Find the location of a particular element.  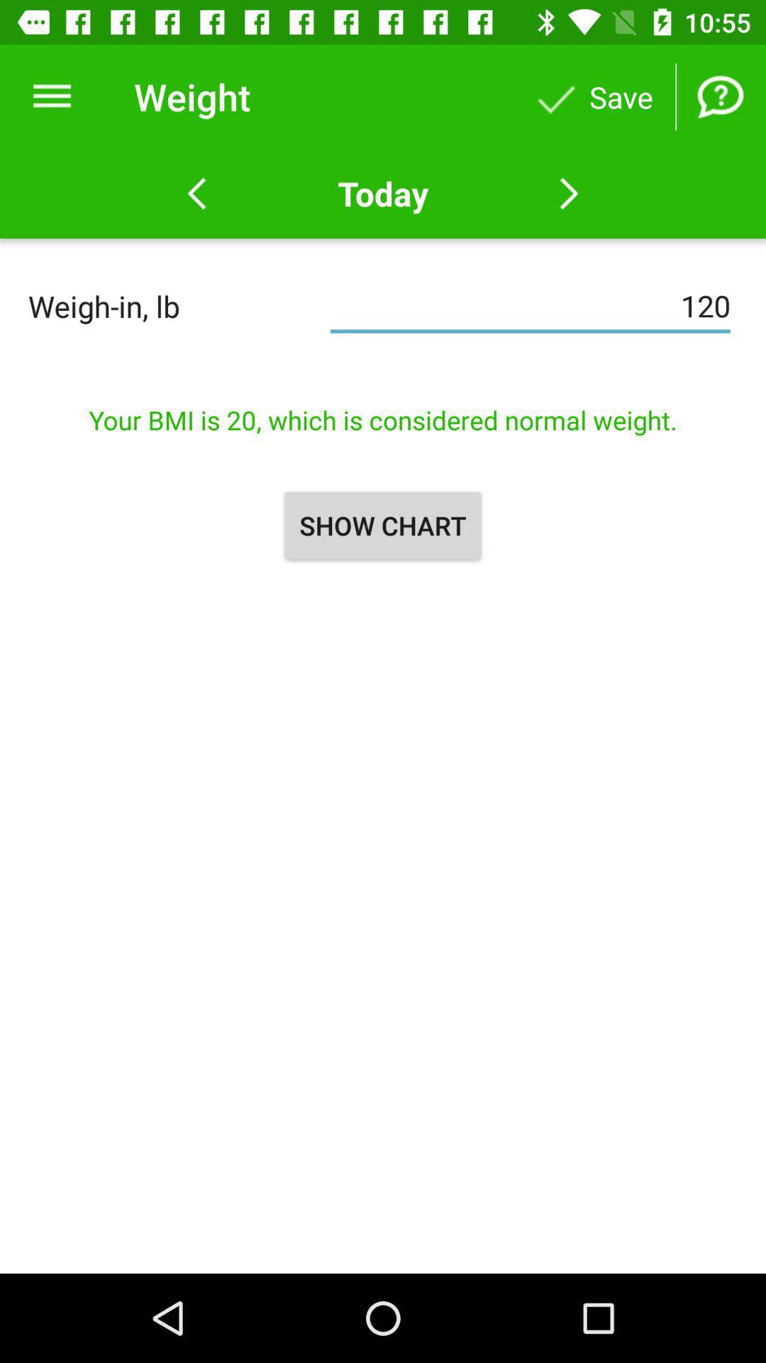

the show chart is located at coordinates (383, 525).